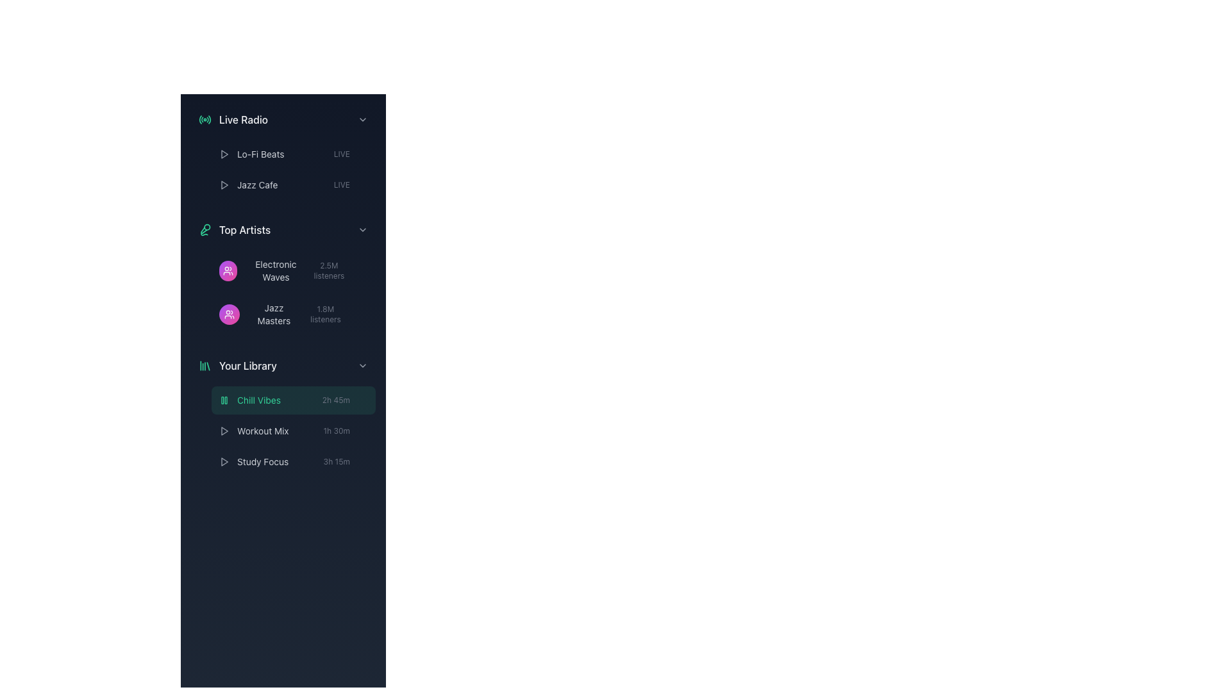 Image resolution: width=1231 pixels, height=692 pixels. I want to click on the 'Top Artists' labeled list item, so click(282, 229).